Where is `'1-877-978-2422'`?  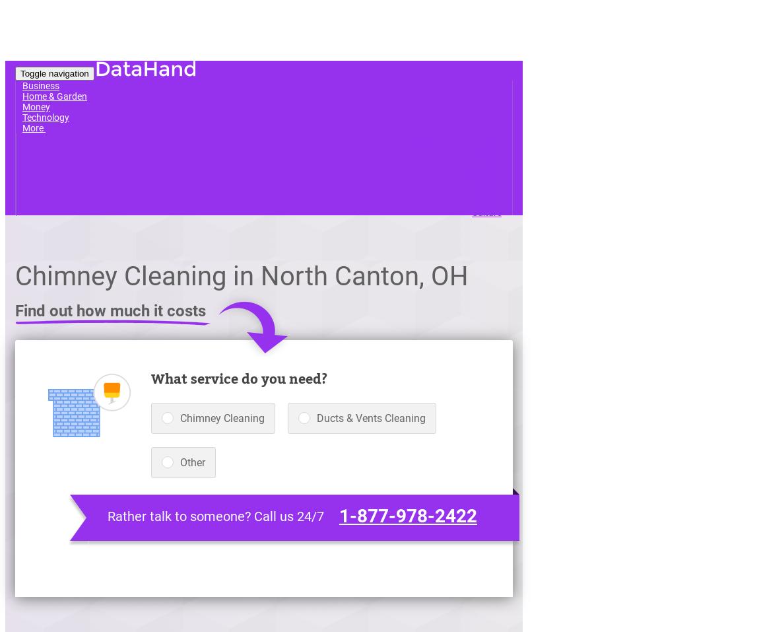 '1-877-978-2422' is located at coordinates (407, 515).